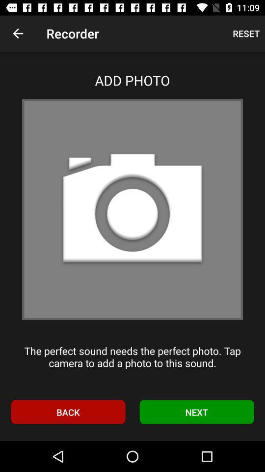  I want to click on a photo, so click(132, 209).